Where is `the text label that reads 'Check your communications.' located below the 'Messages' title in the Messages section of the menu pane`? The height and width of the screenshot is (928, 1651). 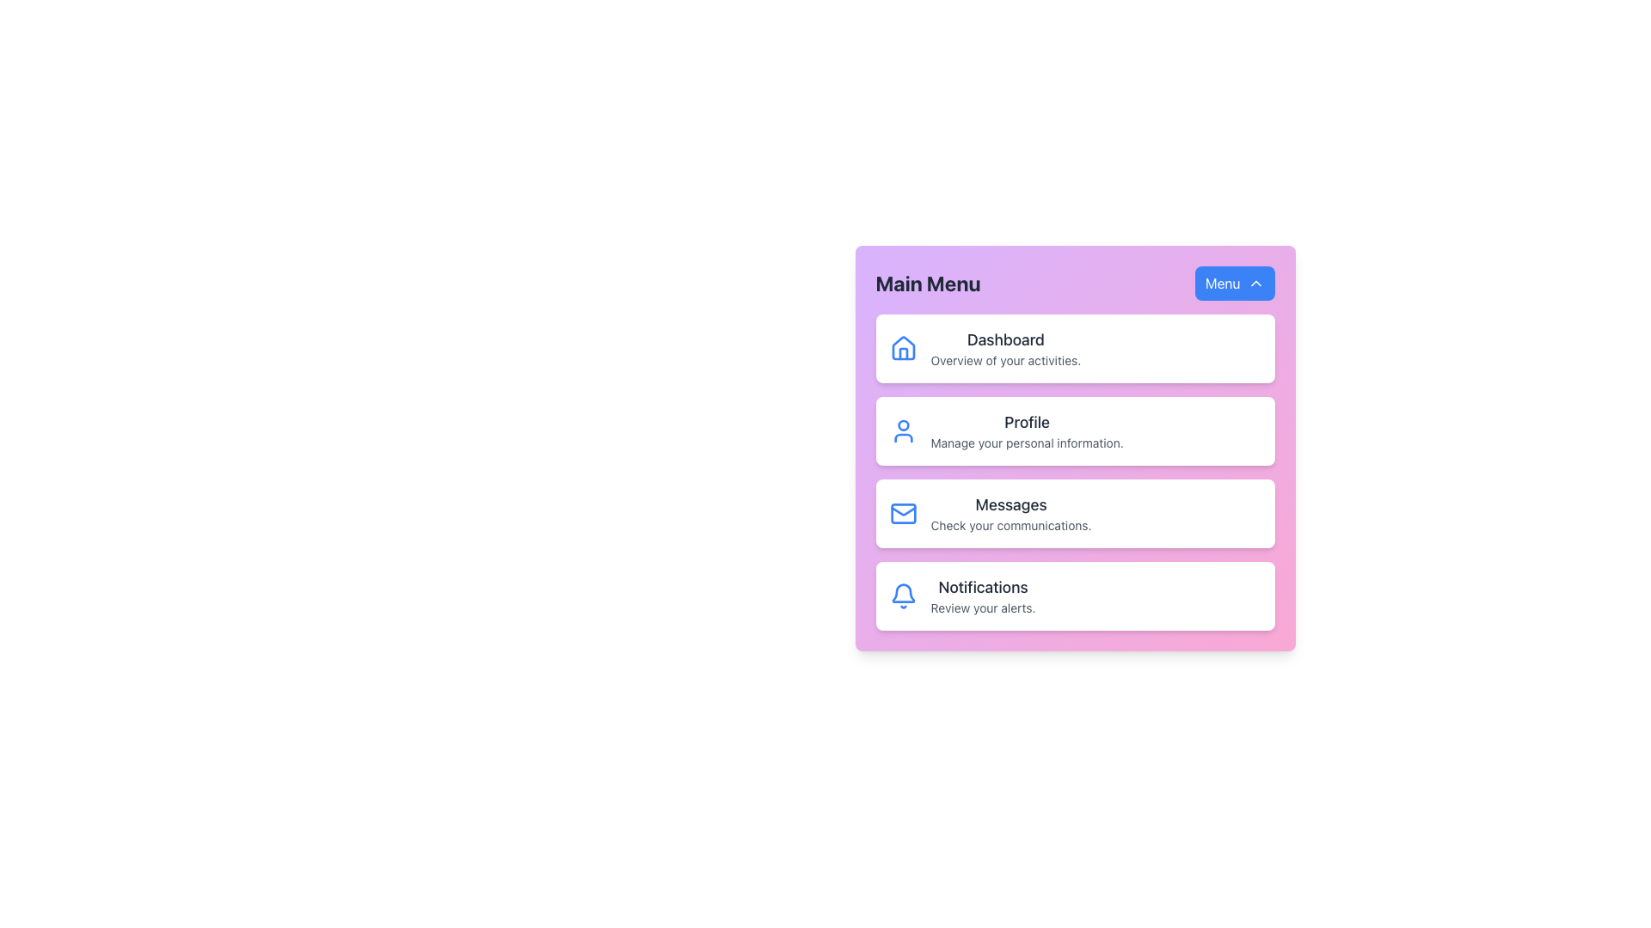 the text label that reads 'Check your communications.' located below the 'Messages' title in the Messages section of the menu pane is located at coordinates (1011, 525).